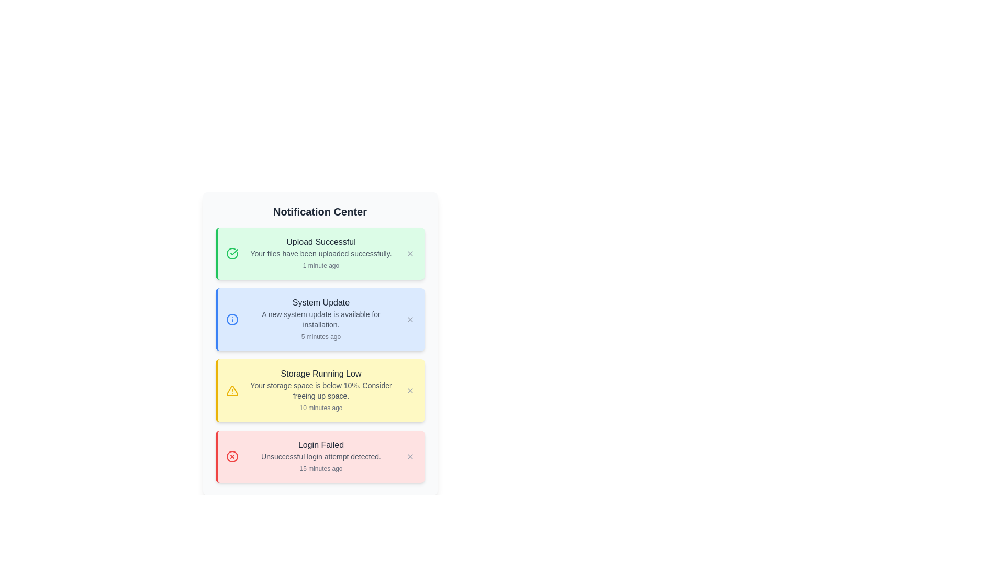 This screenshot has height=565, width=1005. What do you see at coordinates (231, 319) in the screenshot?
I see `the circular icon within the 'System Update' notification card in the notification panel` at bounding box center [231, 319].